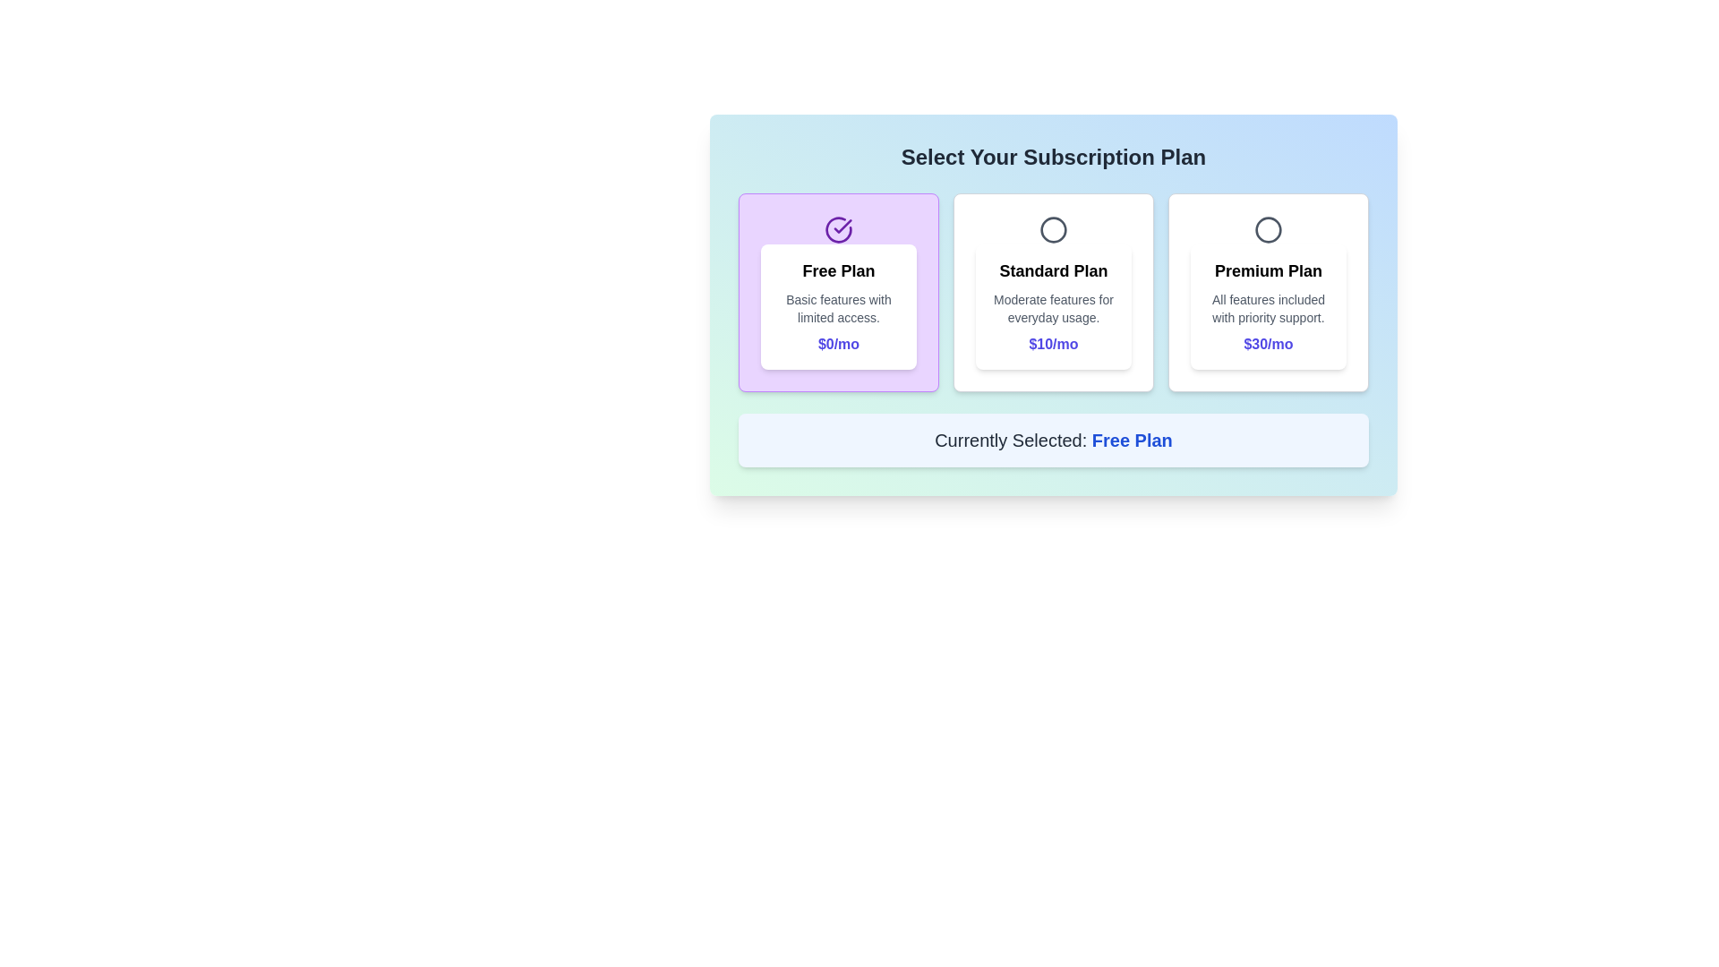 The image size is (1719, 967). What do you see at coordinates (1053, 229) in the screenshot?
I see `the circular icon located above the text 'Standard Plan' in the grid layout of subscription options` at bounding box center [1053, 229].